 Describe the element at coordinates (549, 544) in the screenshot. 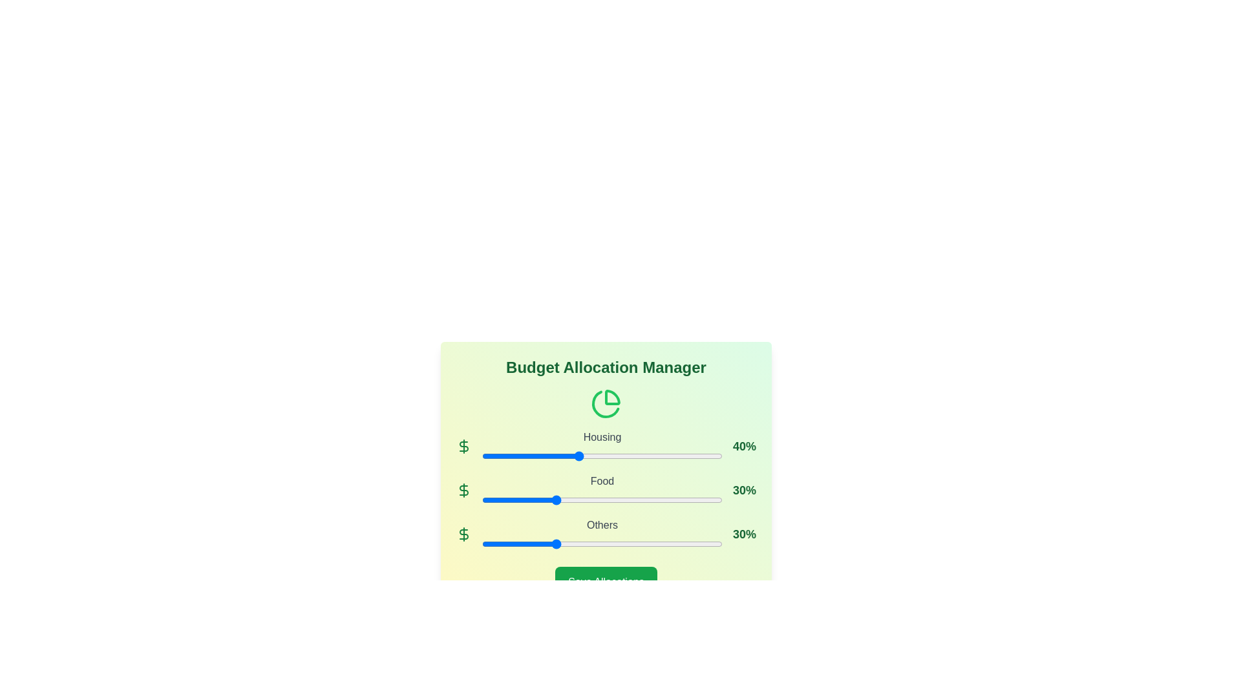

I see `the 'Others' slider to 28%` at that location.